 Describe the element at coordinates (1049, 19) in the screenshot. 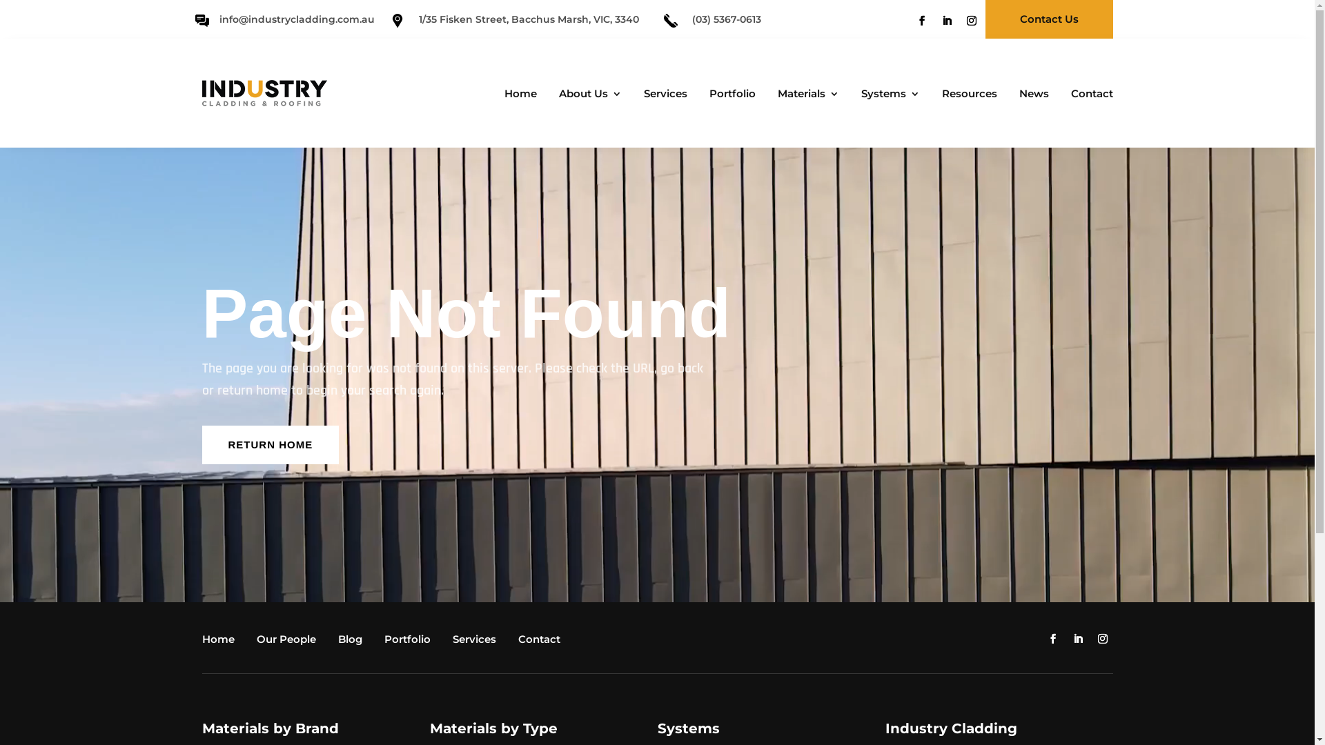

I see `'Contact Us'` at that location.